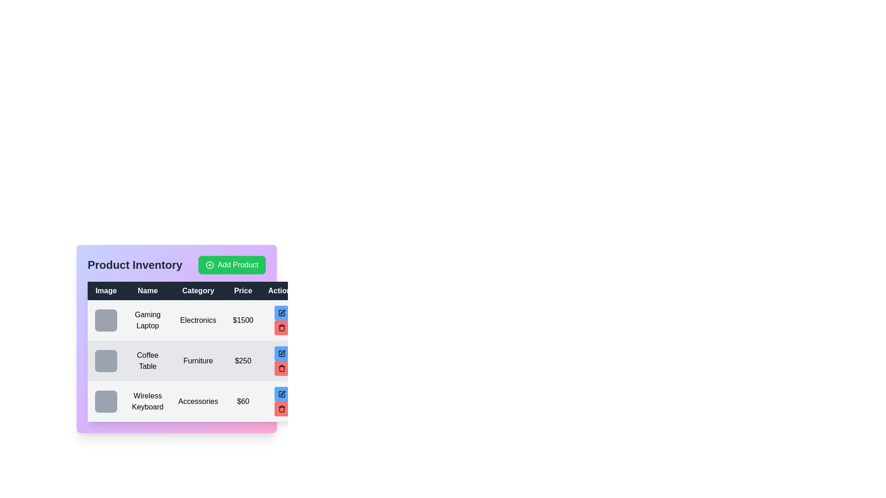 This screenshot has height=498, width=886. What do you see at coordinates (148, 401) in the screenshot?
I see `the 'Wireless Keyboard' text label, which is centrally aligned in a light gray background, to possibly reveal details` at bounding box center [148, 401].